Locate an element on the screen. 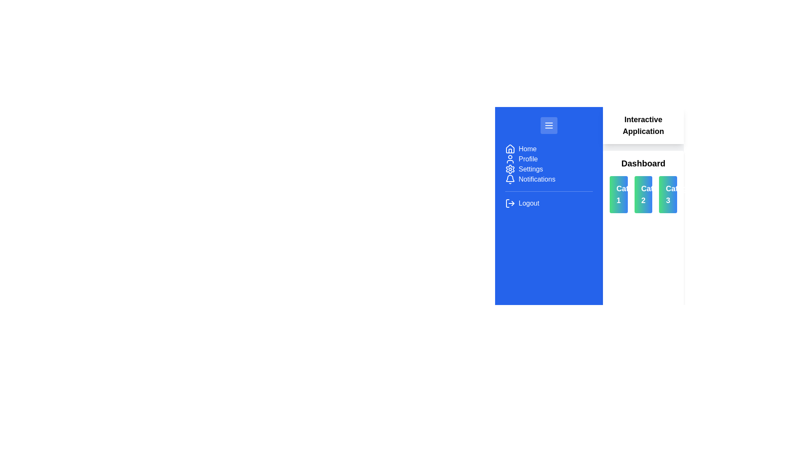 The image size is (809, 455). the 'Home' icon located in the navigation menu on the left side of the interface, positioned to the left of the 'Home' text is located at coordinates (509, 149).